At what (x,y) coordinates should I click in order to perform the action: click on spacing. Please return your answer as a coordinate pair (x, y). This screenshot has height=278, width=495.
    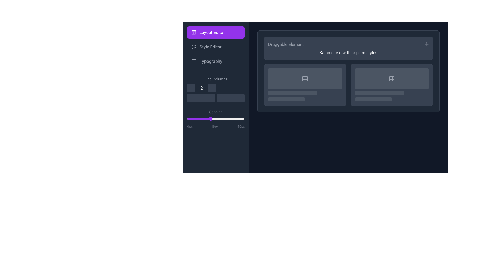
    Looking at the image, I should click on (220, 119).